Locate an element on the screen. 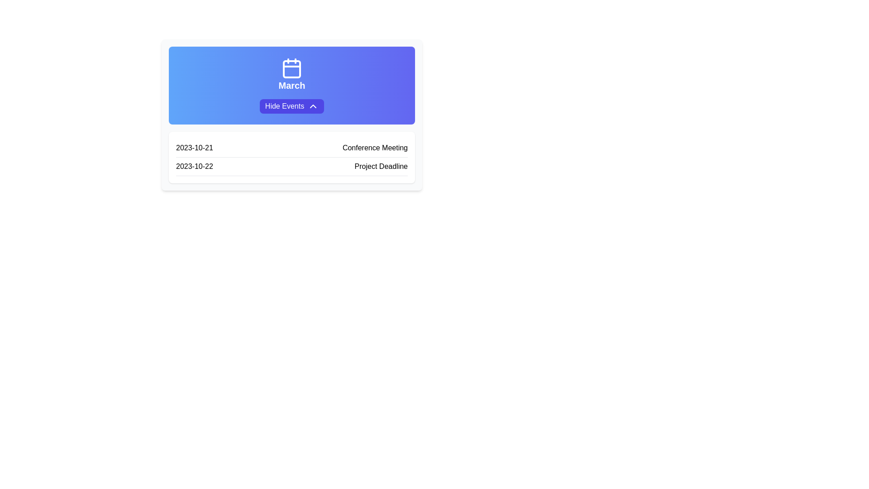 This screenshot has width=869, height=489. the chevron icon located to the right of the 'Hide Events' label within the button, which toggles the visibility of related content below the 'March' header is located at coordinates (313, 106).